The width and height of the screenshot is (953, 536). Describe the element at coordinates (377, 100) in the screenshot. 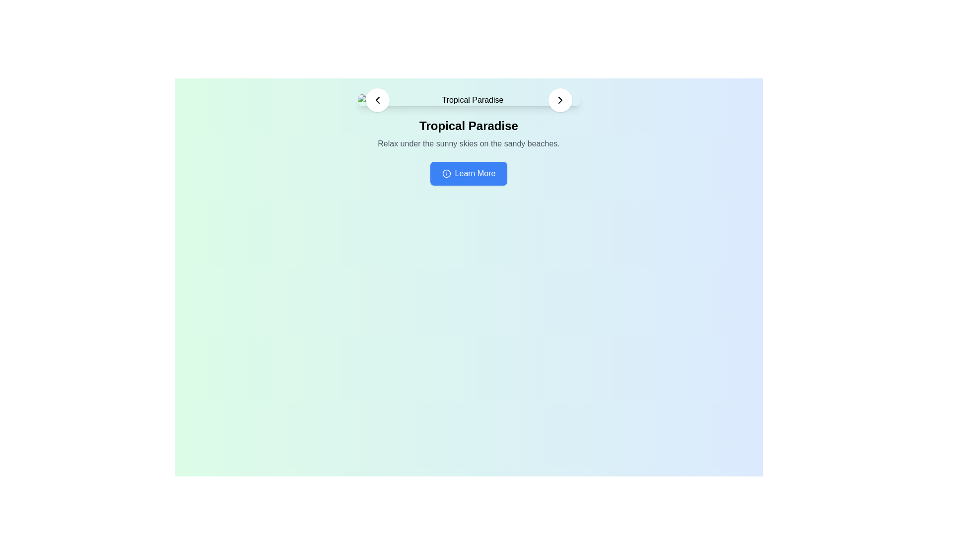

I see `the chevron-left arrow icon located at the top-left of the interface, next to the text 'Tropical Paradise'` at that location.